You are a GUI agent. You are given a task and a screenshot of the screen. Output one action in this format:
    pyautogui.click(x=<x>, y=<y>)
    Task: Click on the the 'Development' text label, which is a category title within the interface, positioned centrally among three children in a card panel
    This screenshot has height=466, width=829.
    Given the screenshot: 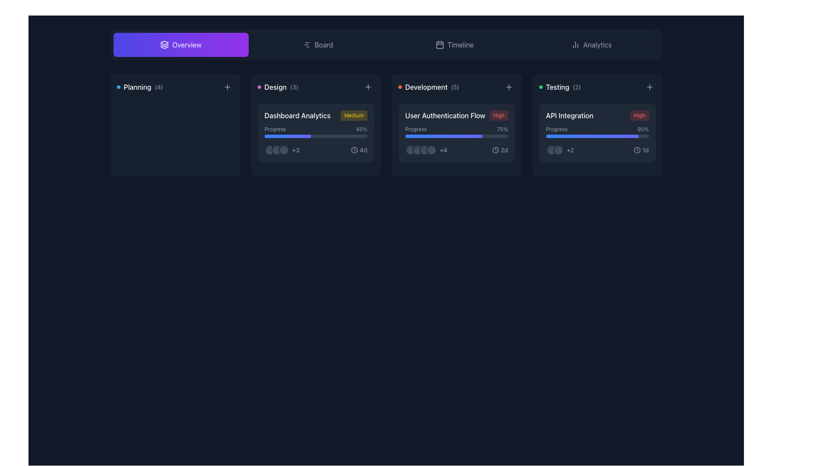 What is the action you would take?
    pyautogui.click(x=426, y=87)
    